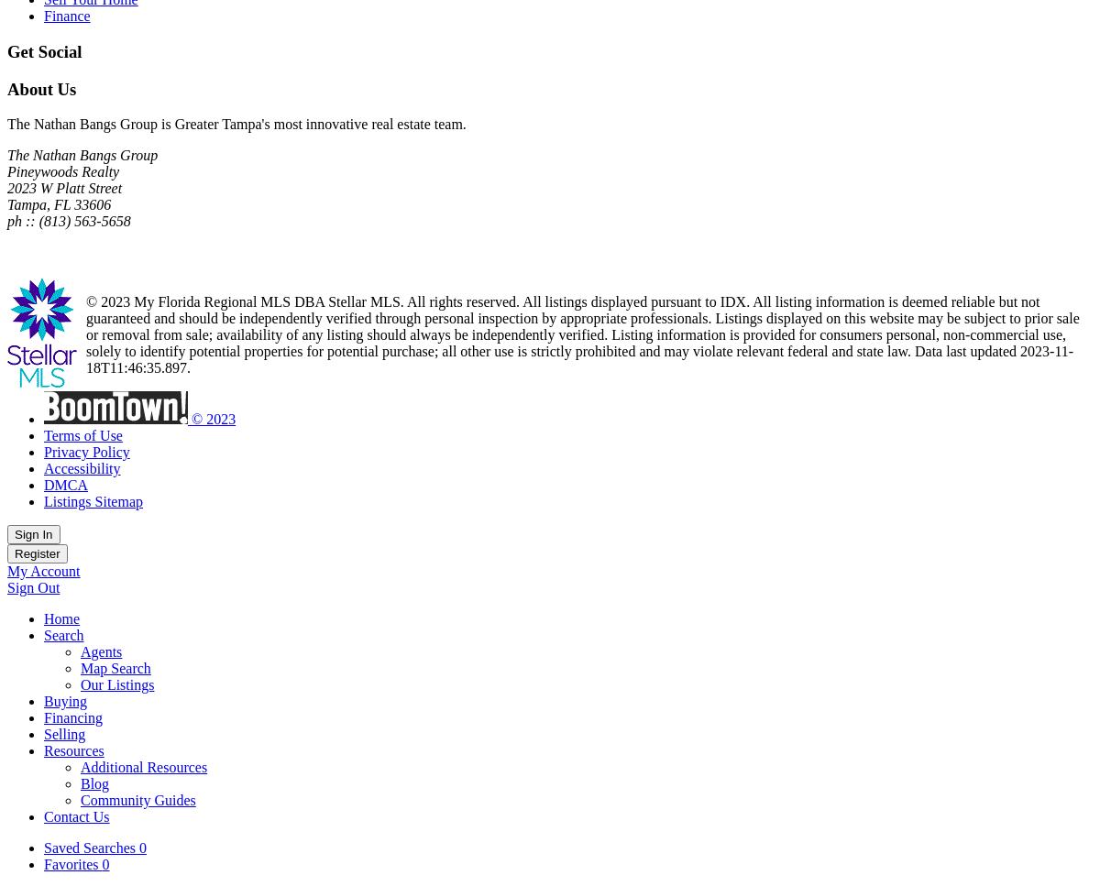 This screenshot has height=886, width=1100. I want to click on 'ph :: (813) 563-5658', so click(69, 221).